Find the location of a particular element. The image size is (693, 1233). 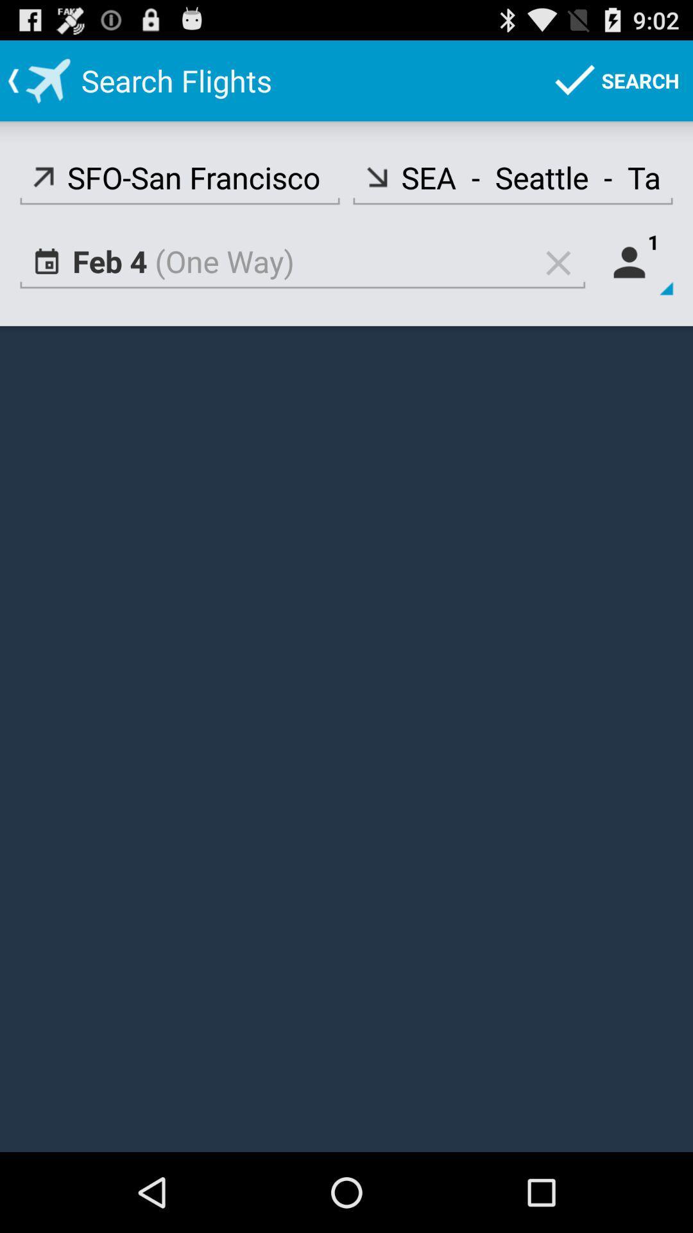

the avatar icon is located at coordinates (635, 279).